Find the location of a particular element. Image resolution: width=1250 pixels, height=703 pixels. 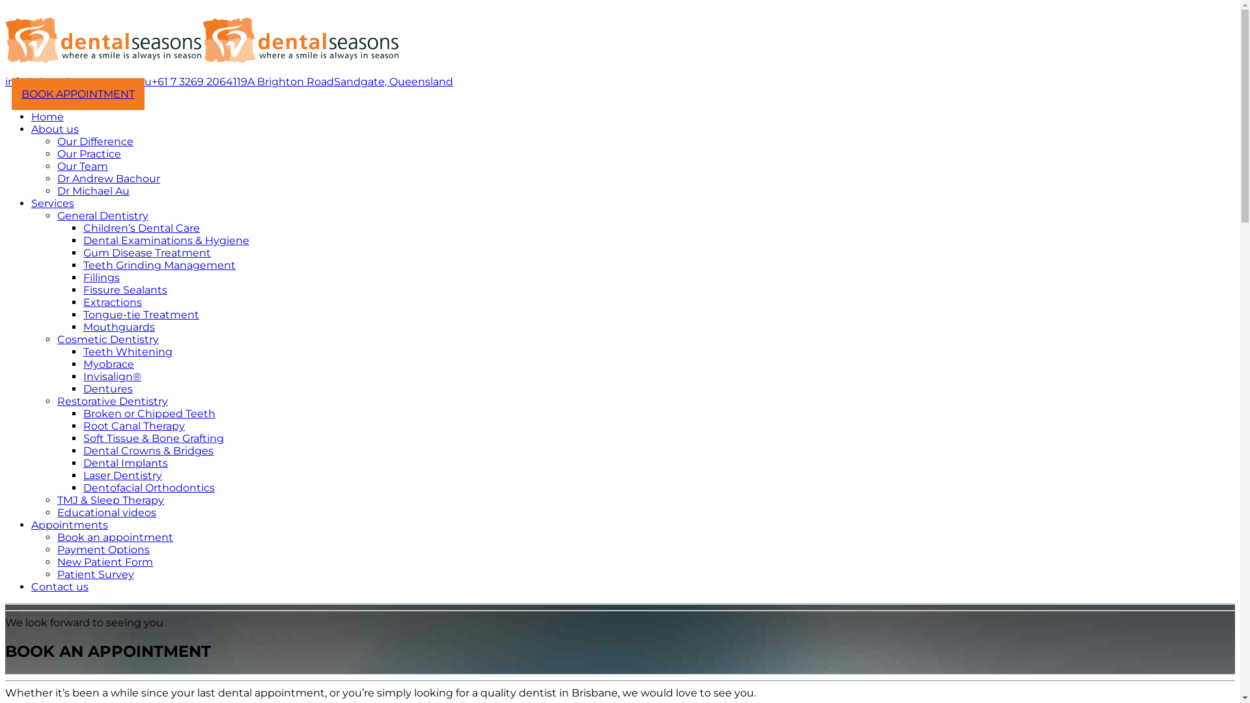

'About us' is located at coordinates (31, 129).